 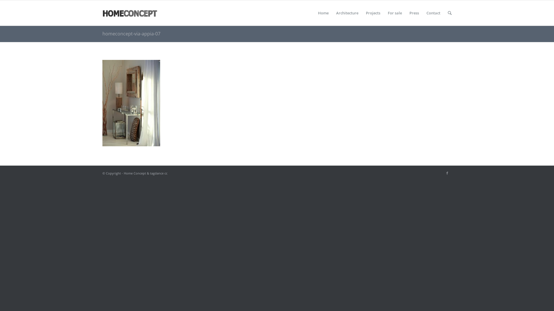 What do you see at coordinates (447, 173) in the screenshot?
I see `'Facebook'` at bounding box center [447, 173].